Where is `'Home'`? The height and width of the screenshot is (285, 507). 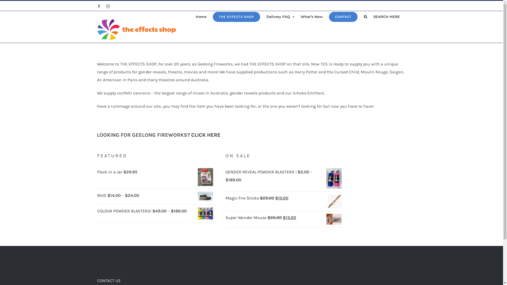
'Home' is located at coordinates (200, 16).